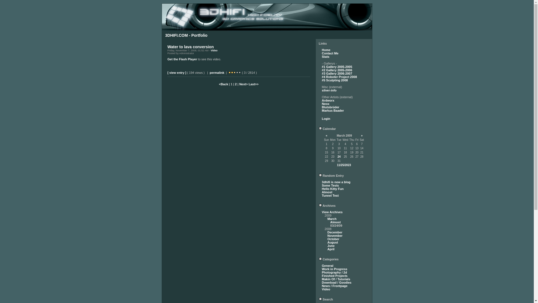 The height and width of the screenshot is (303, 538). What do you see at coordinates (333, 110) in the screenshot?
I see `'Markus Baader'` at bounding box center [333, 110].